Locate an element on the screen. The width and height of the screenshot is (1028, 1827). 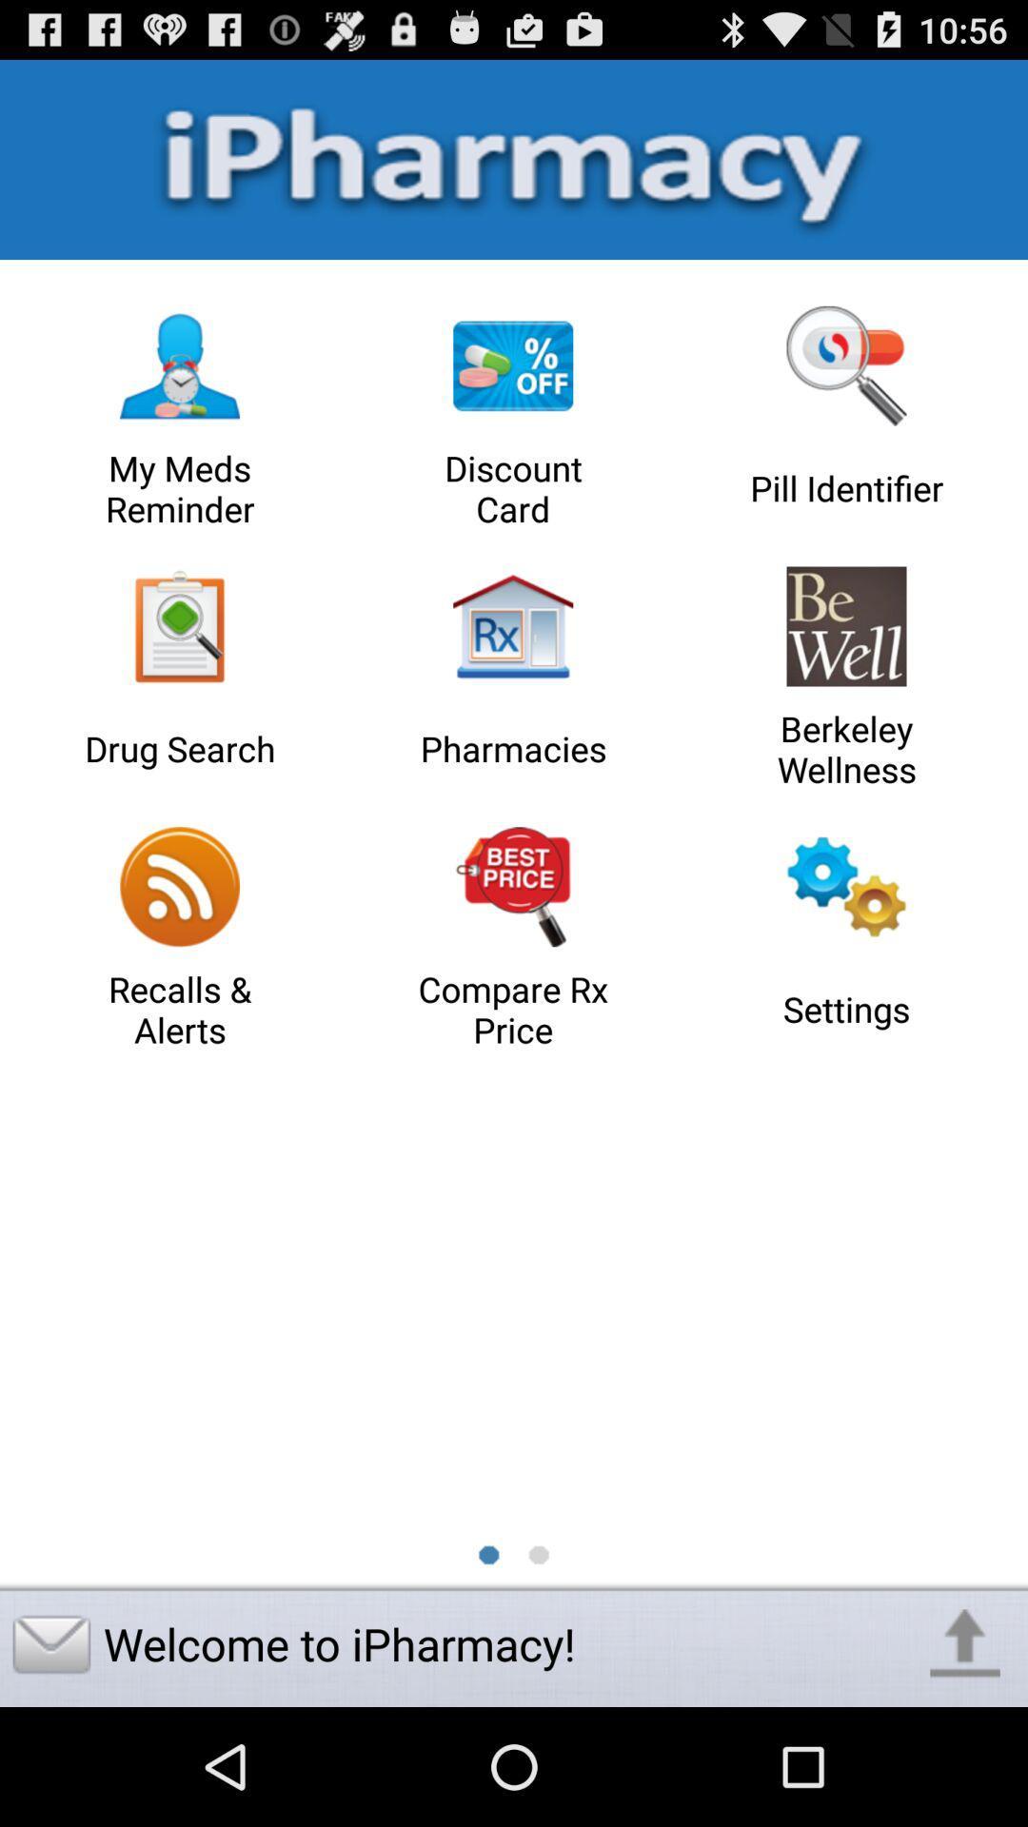
the arrow_upward icon is located at coordinates (965, 1758).